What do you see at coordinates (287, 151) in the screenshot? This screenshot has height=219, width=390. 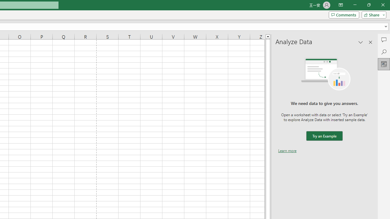 I see `'Learn more'` at bounding box center [287, 151].